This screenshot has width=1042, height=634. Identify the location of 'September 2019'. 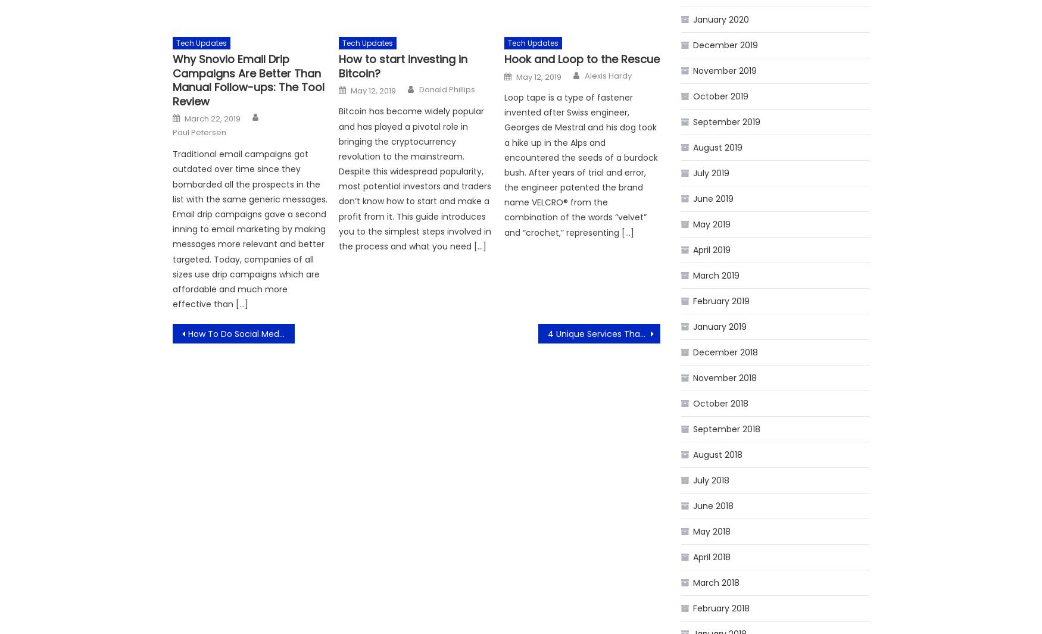
(726, 121).